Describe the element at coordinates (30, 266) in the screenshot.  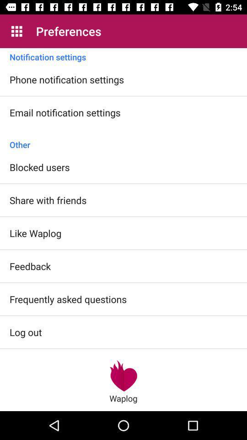
I see `the icon below the like waplog icon` at that location.